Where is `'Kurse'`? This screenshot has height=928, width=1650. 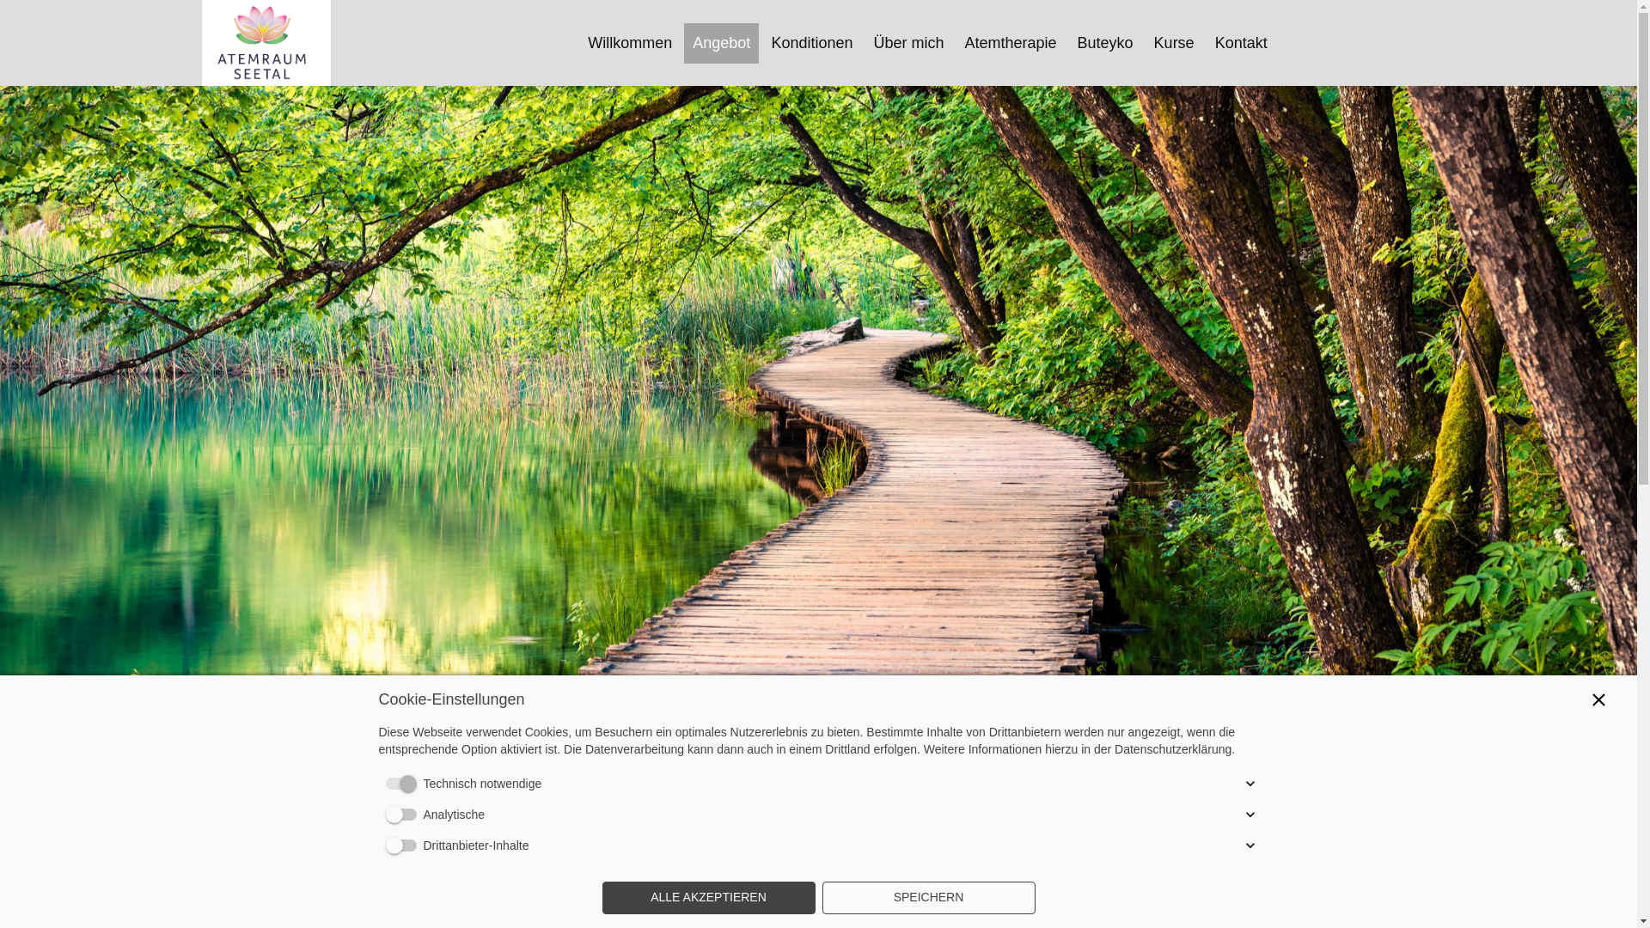 'Kurse' is located at coordinates (1154, 42).